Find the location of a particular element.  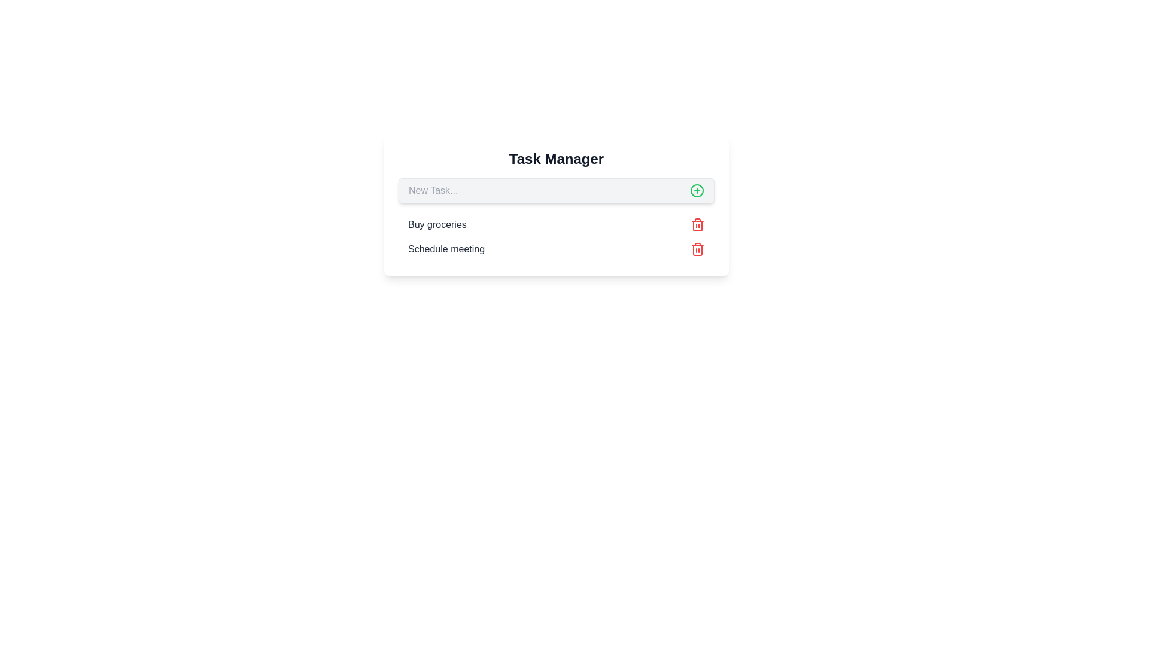

the task list items in the 'Task Manager' component is located at coordinates (556, 237).